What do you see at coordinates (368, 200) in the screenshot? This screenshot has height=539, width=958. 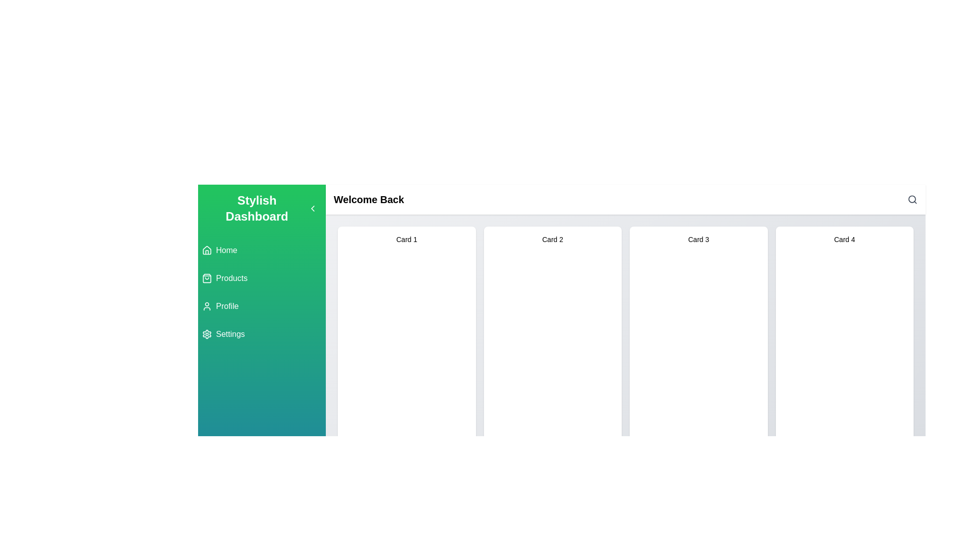 I see `the welcoming message text label located at the top-left of the white horizontal bar above the grid of items` at bounding box center [368, 200].